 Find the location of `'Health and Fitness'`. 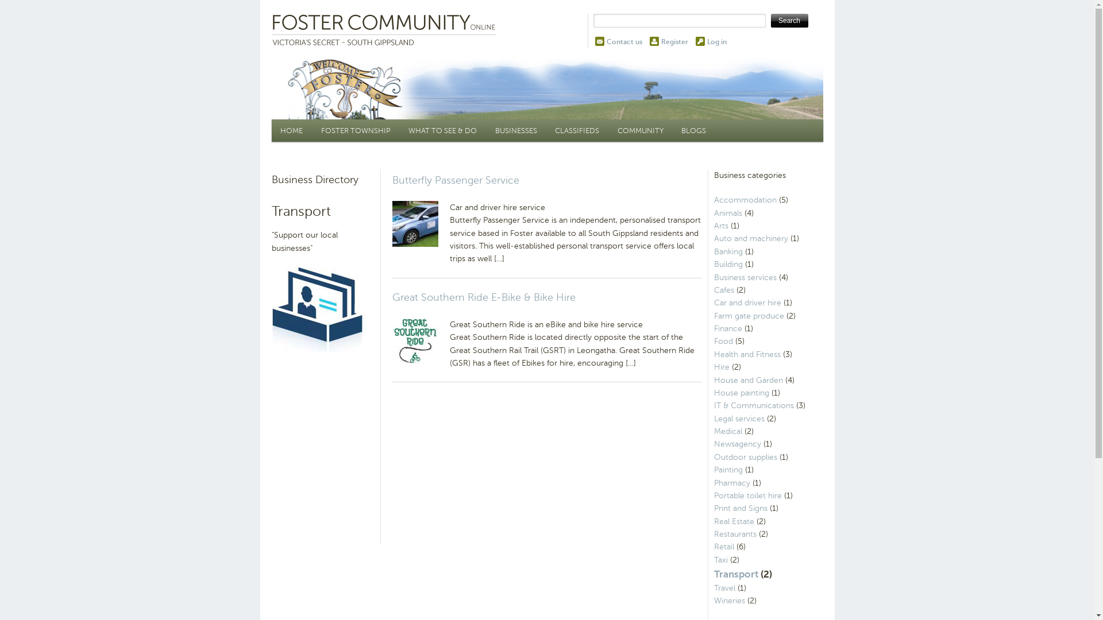

'Health and Fitness' is located at coordinates (747, 354).